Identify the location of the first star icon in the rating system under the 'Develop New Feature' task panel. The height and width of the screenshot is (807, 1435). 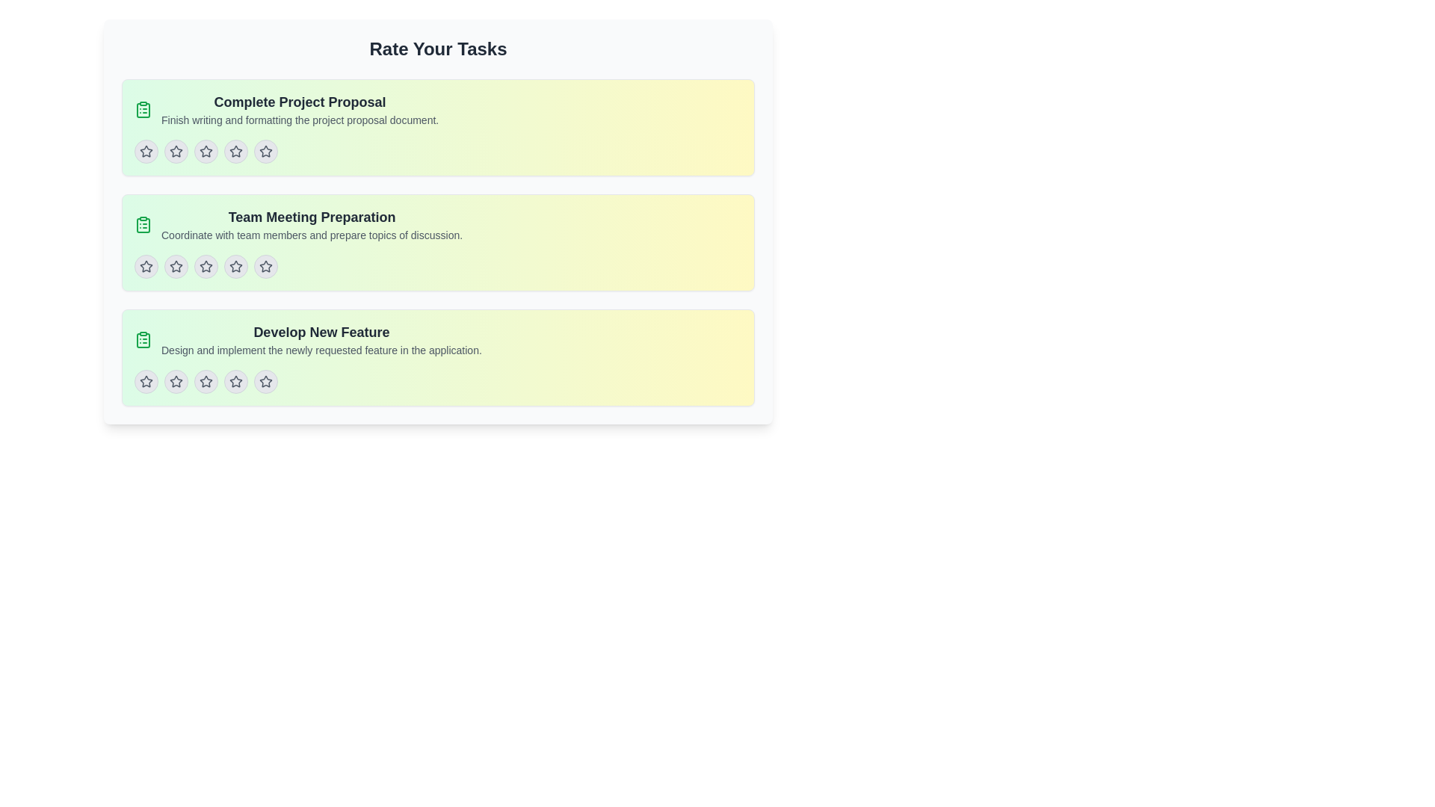
(146, 380).